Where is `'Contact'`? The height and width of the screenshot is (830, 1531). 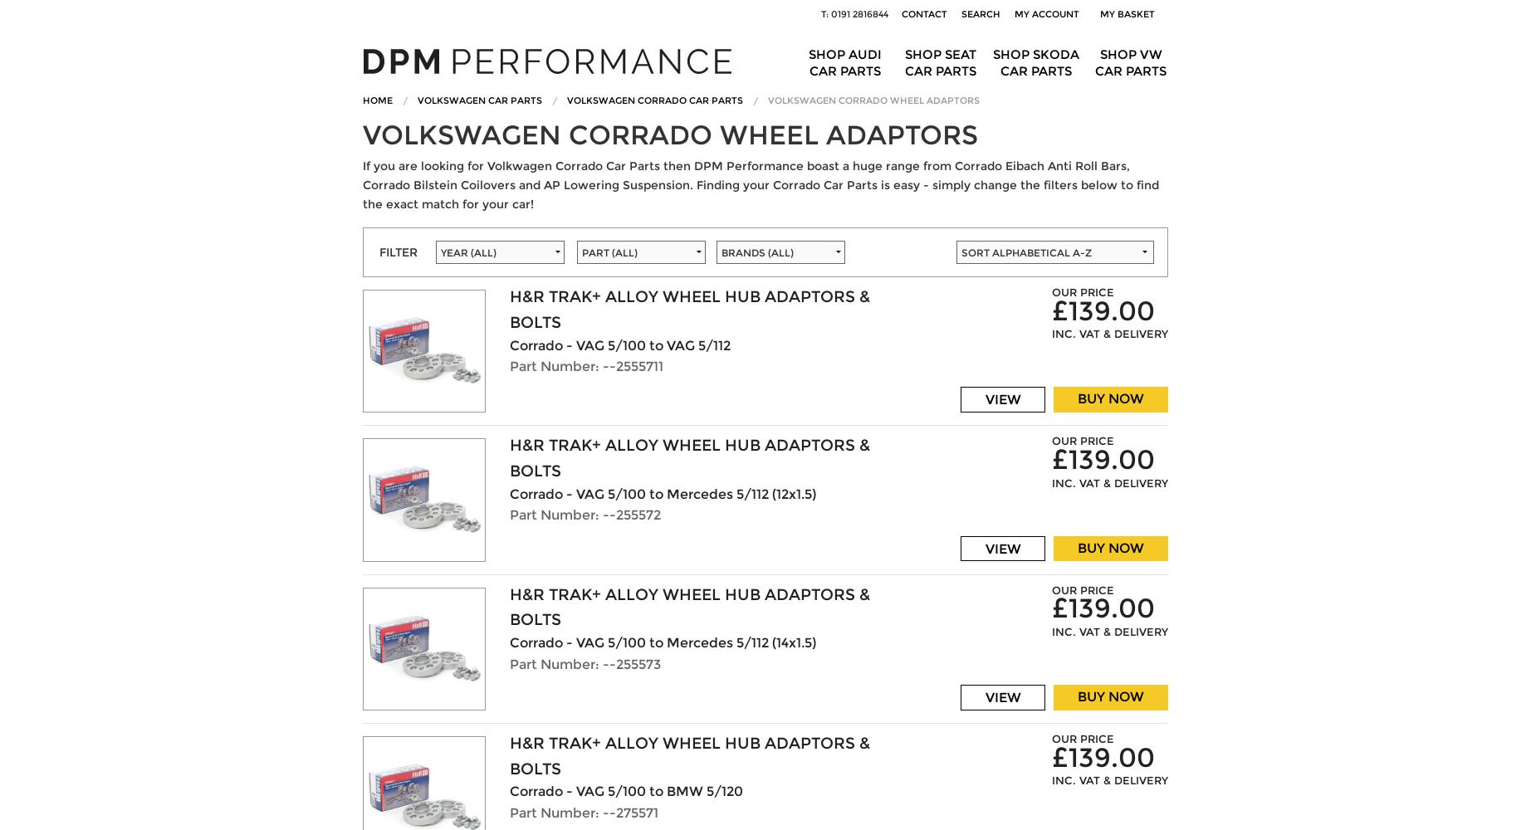 'Contact' is located at coordinates (924, 14).